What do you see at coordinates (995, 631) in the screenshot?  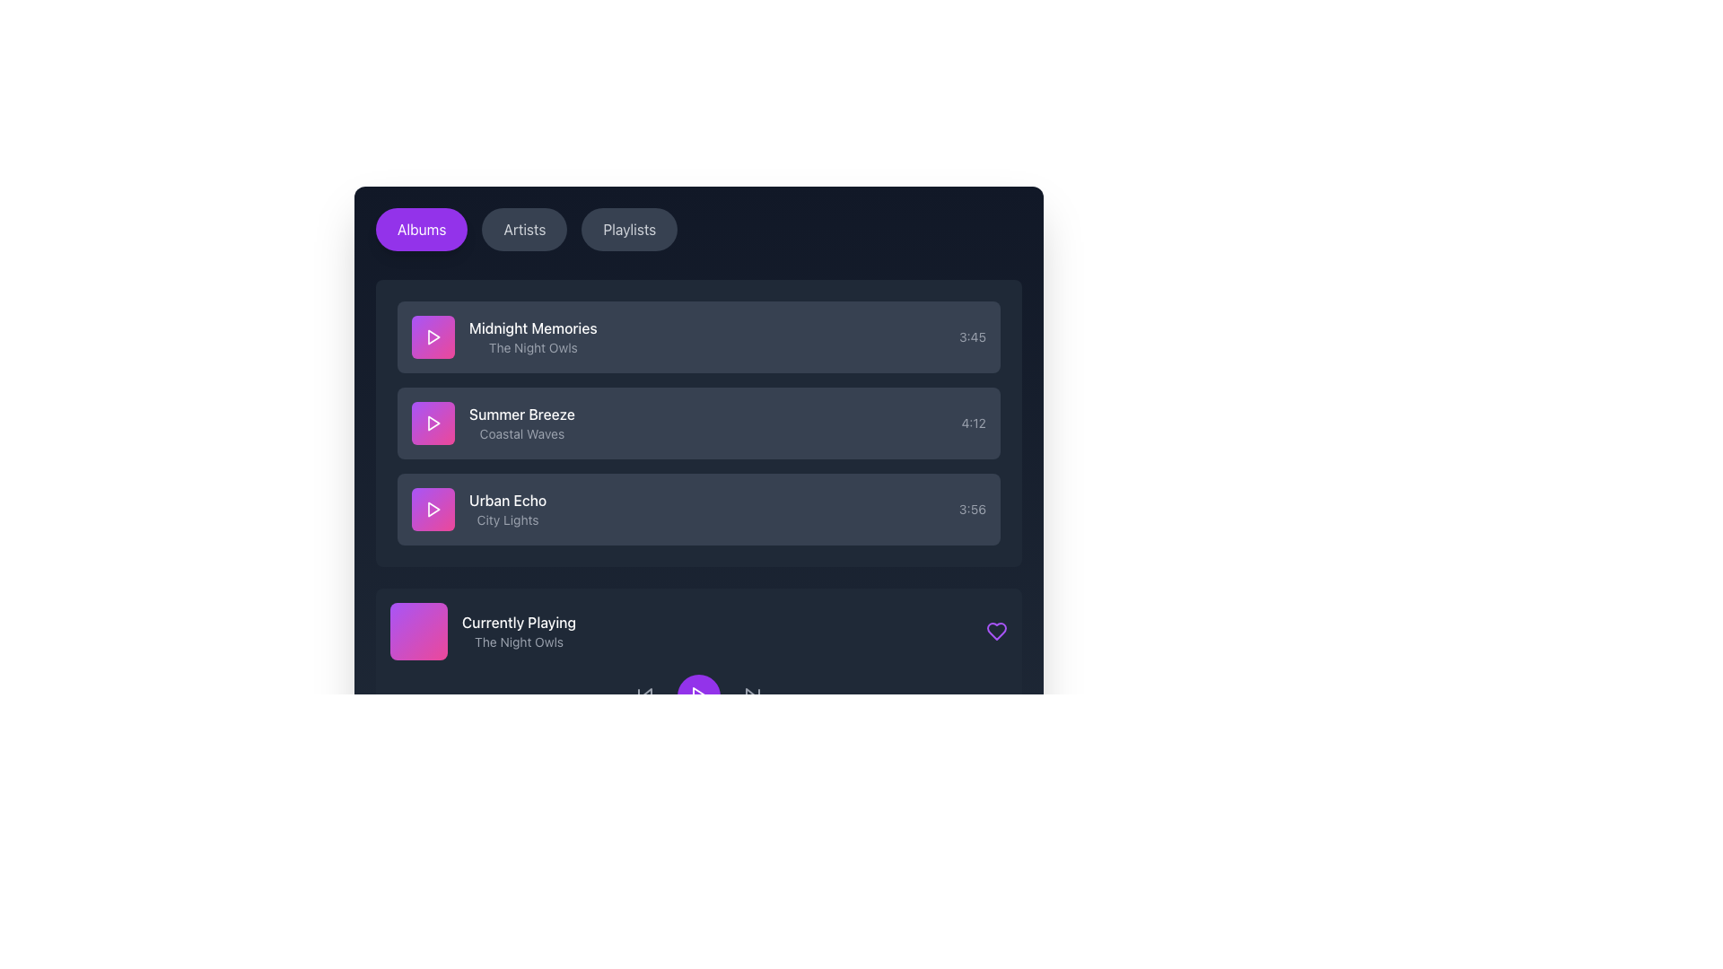 I see `the heart-shaped icon in the 'Currently Playing' section` at bounding box center [995, 631].